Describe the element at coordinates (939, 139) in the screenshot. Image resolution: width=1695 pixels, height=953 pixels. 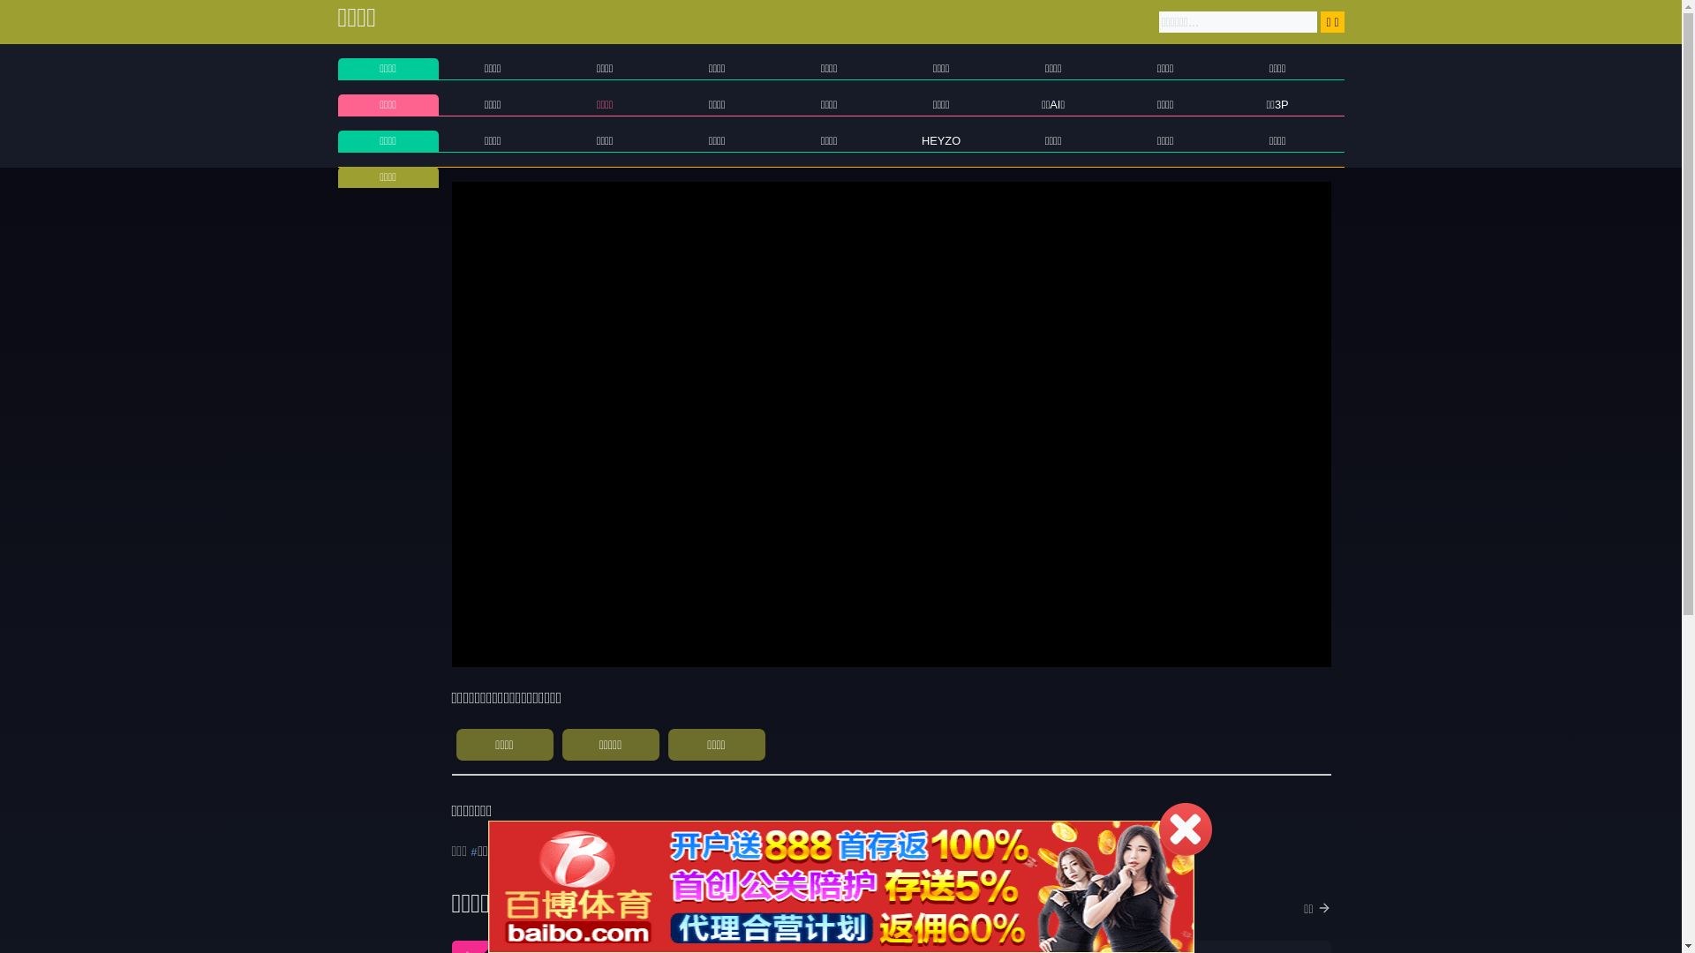
I see `'HEYZO'` at that location.